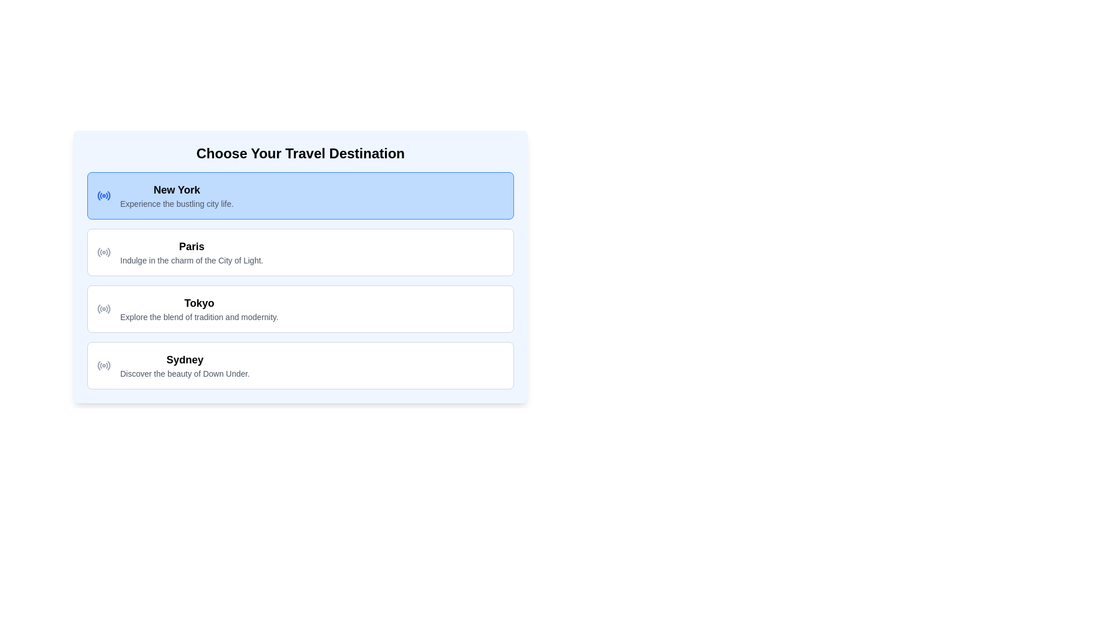 The height and width of the screenshot is (624, 1110). Describe the element at coordinates (199, 309) in the screenshot. I see `text block titled 'Tokyo' that includes the subtitle 'Explore the blend of tradition and modernity.' located in the third selectable card of the vertical list` at that location.